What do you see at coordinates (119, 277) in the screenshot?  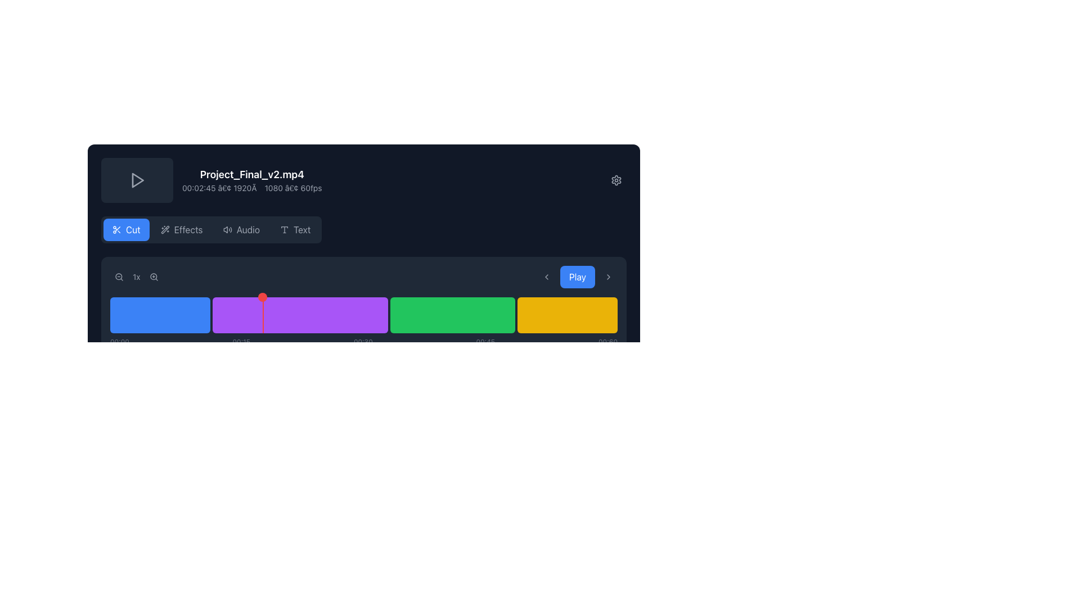 I see `the gray magnifying glass icon with a minus sign located in the toolbar above the timeline` at bounding box center [119, 277].